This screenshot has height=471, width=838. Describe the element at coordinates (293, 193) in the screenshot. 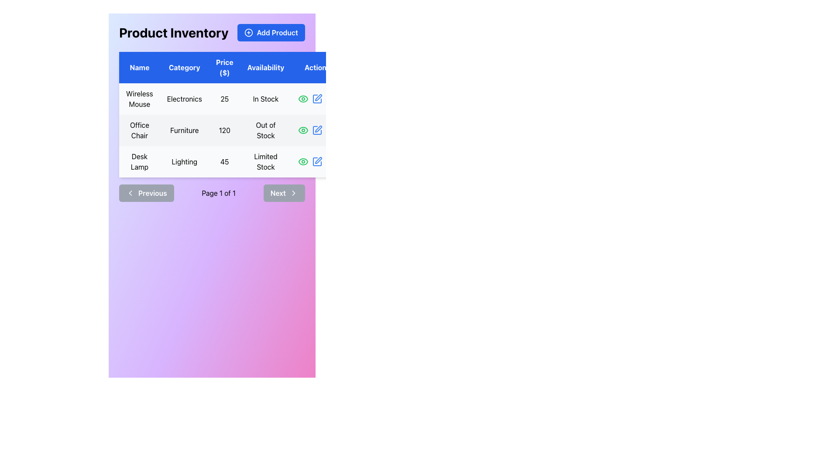

I see `the Chevron-Right icon located within the 'Next' button in the pagination control section at the bottom right of the interface` at that location.